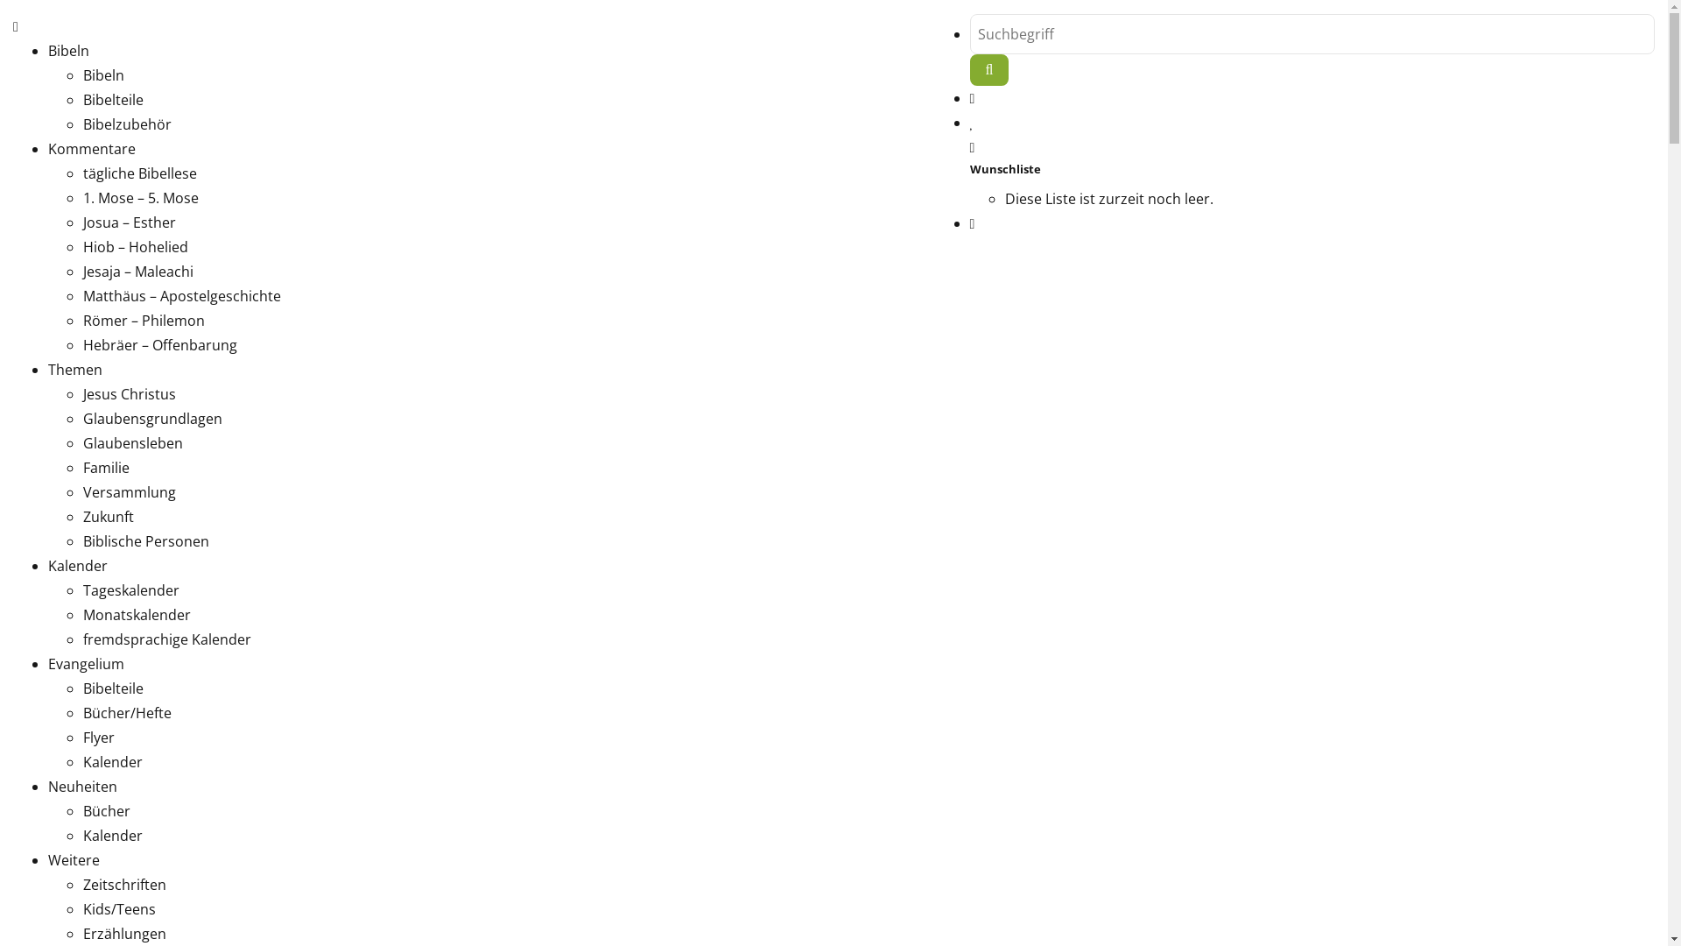 Image resolution: width=1681 pixels, height=946 pixels. Describe the element at coordinates (102, 74) in the screenshot. I see `'Bibeln'` at that location.